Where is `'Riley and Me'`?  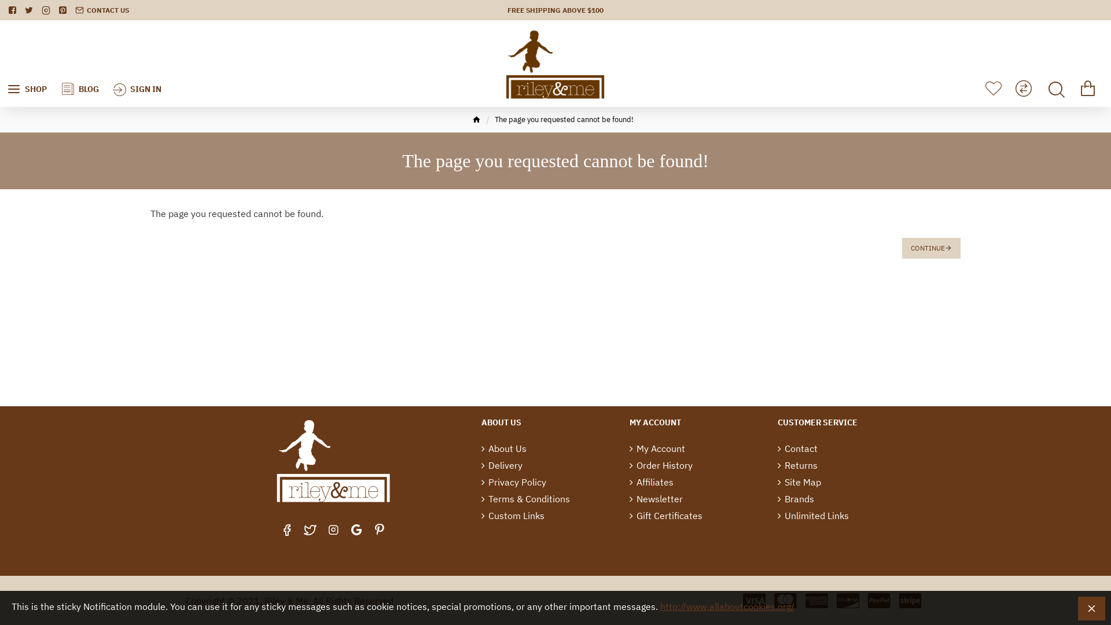
'Riley and Me' is located at coordinates (505, 64).